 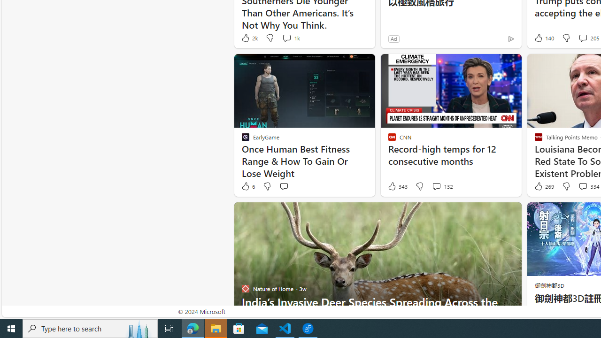 I want to click on 'View comments 1k Comment', so click(x=286, y=38).